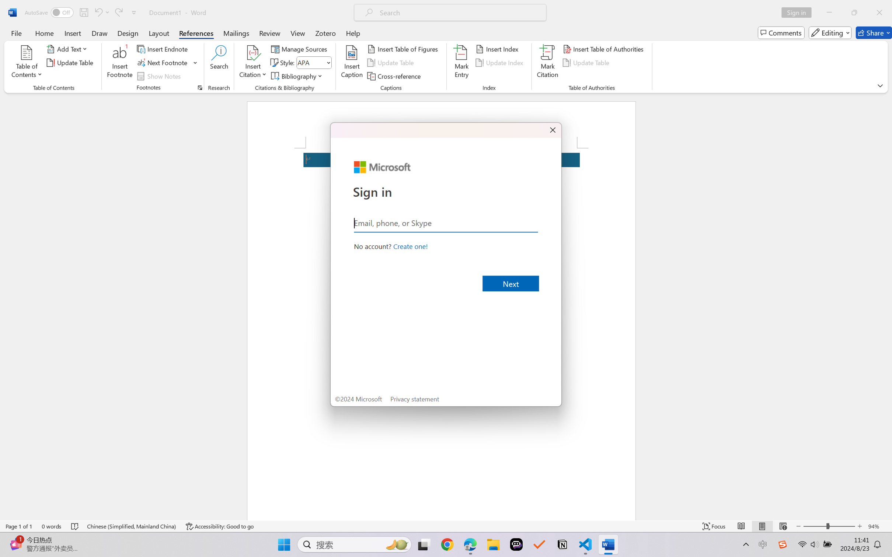  I want to click on 'Update Index', so click(500, 63).